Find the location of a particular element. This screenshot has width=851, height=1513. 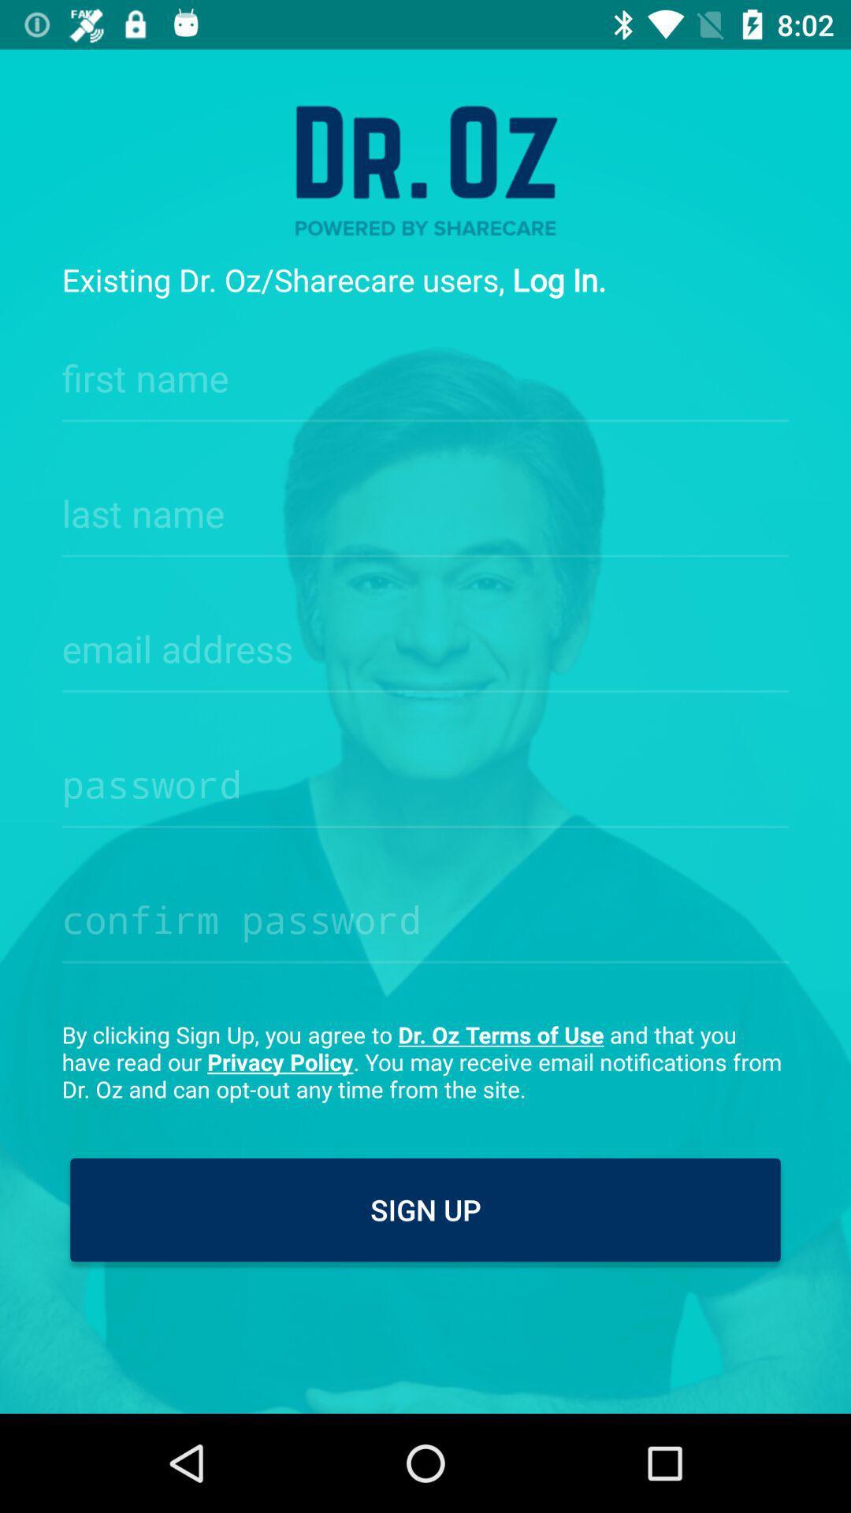

by clicking sign is located at coordinates (425, 1061).